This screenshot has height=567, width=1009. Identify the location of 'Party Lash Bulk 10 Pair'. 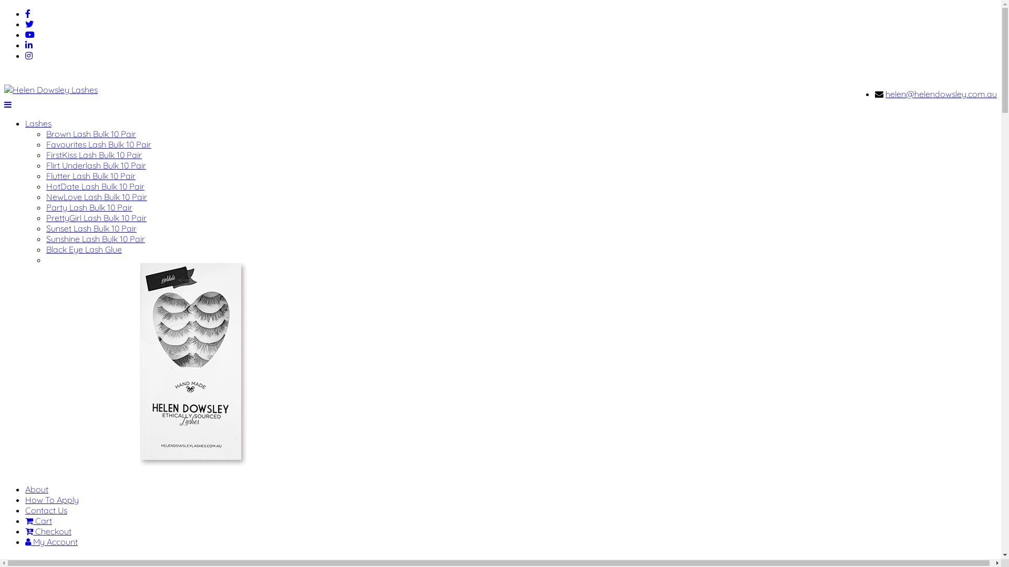
(89, 207).